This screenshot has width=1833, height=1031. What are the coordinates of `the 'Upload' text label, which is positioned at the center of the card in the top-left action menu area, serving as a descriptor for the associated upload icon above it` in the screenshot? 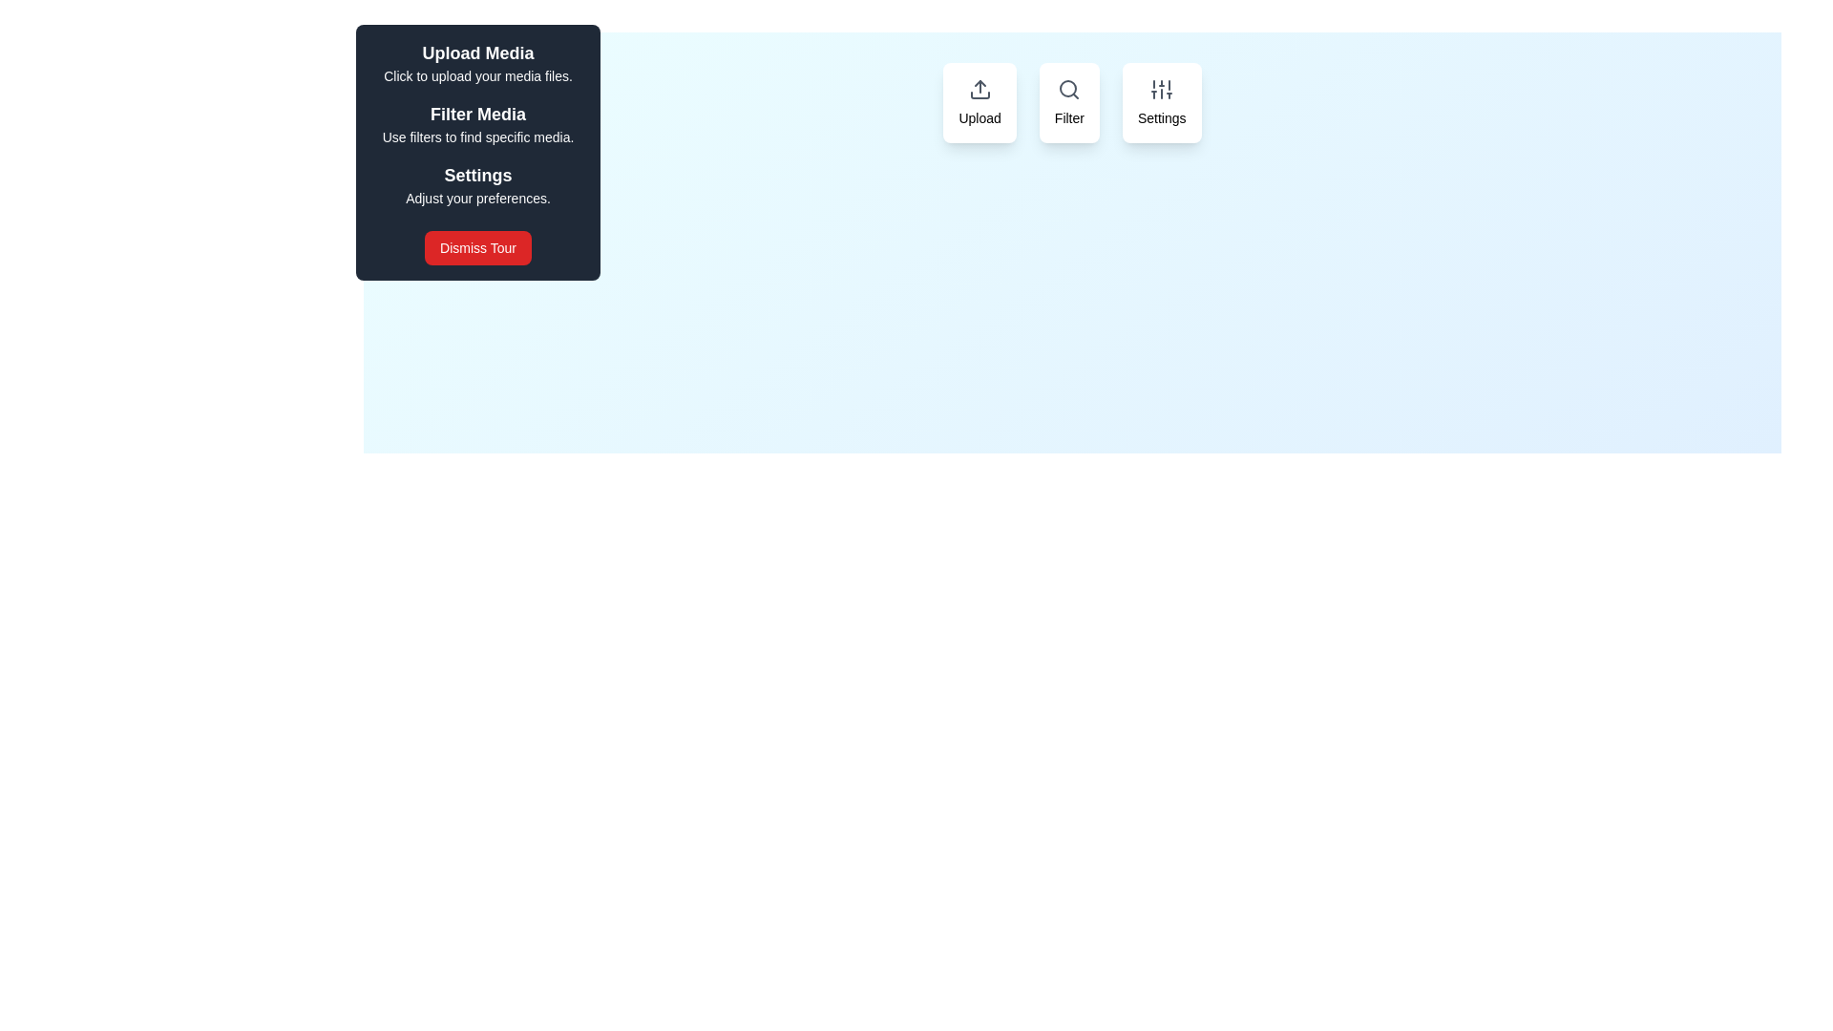 It's located at (980, 117).